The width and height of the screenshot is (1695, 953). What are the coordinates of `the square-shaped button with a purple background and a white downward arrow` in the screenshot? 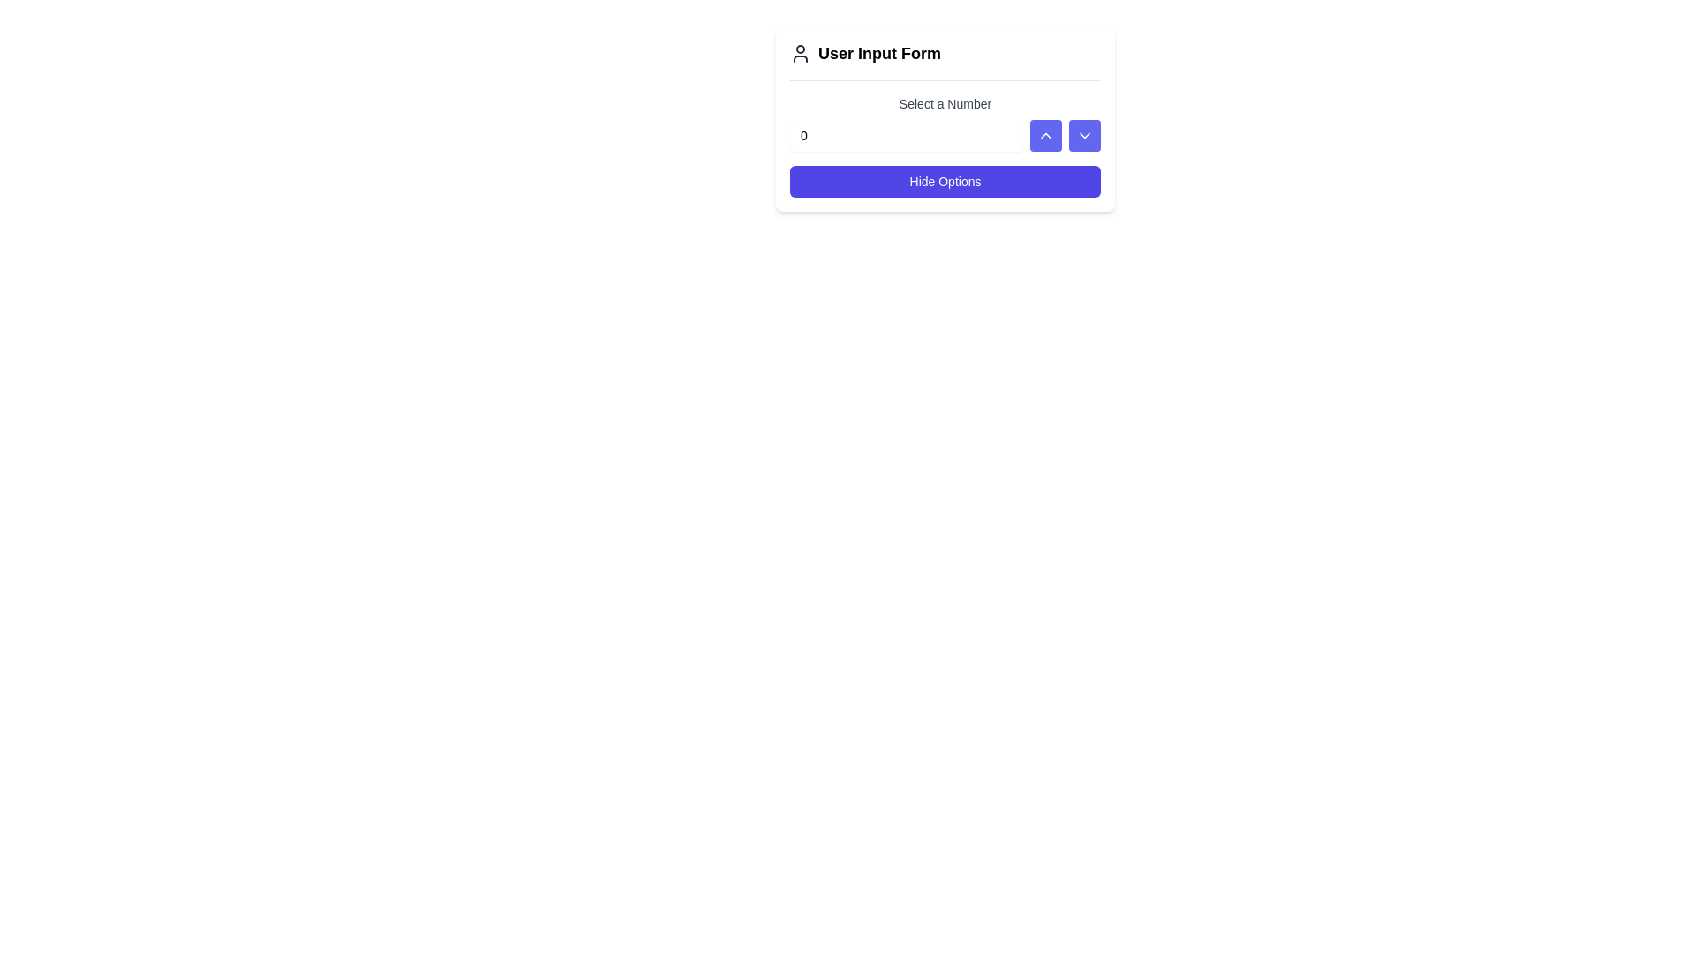 It's located at (1083, 135).